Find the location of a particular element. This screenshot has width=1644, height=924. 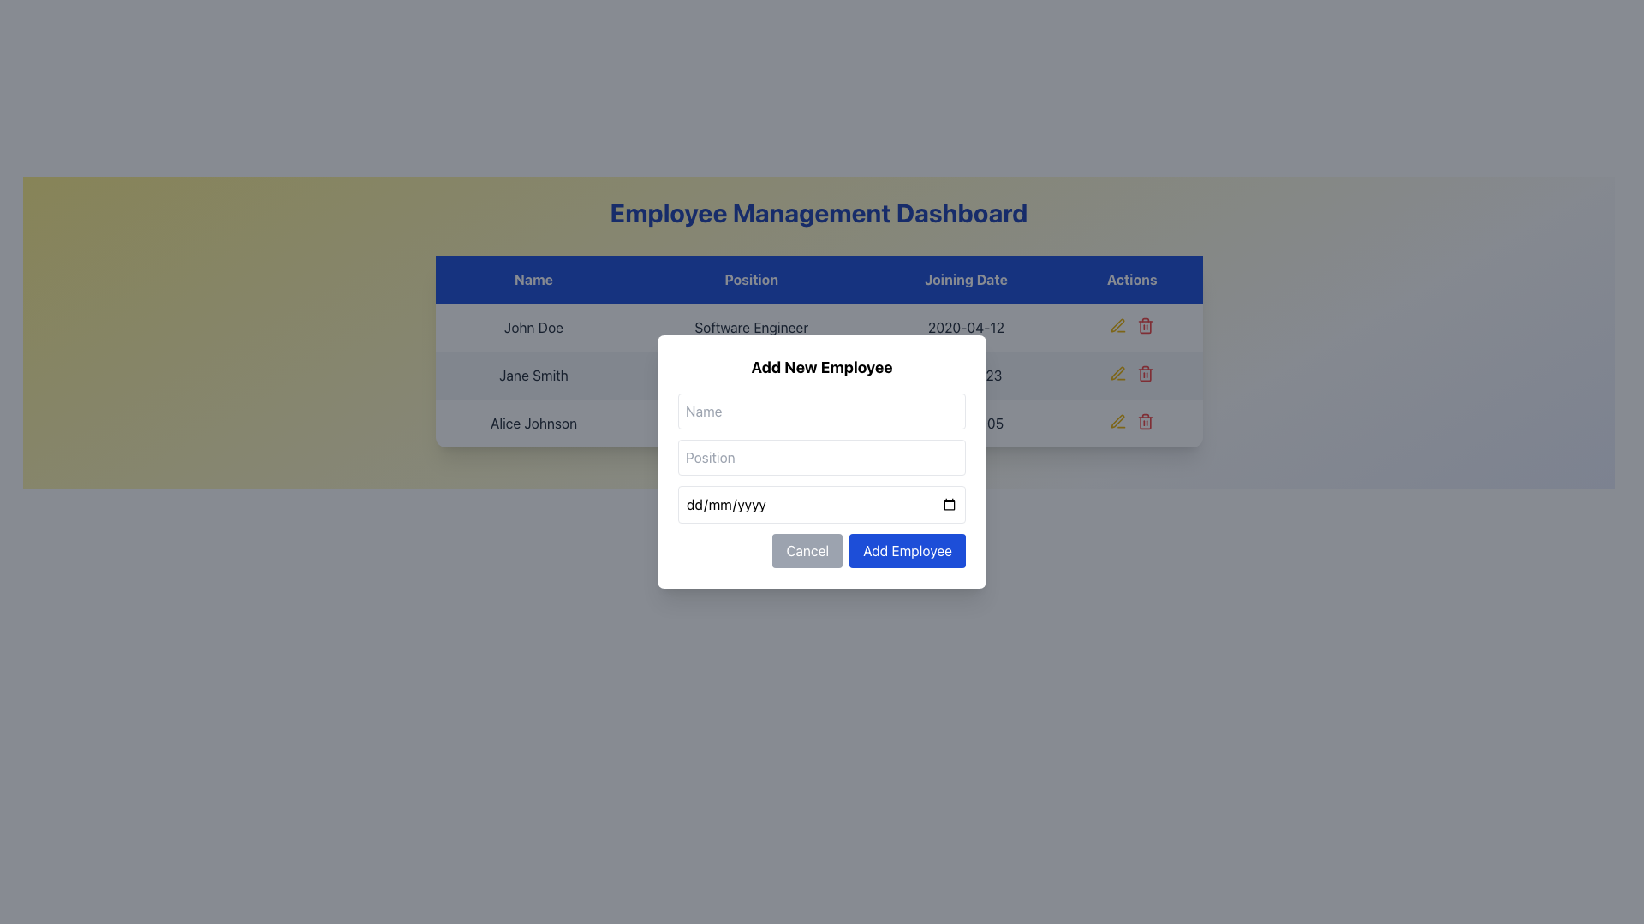

the static text label indicating 'Add New Employee' at the top of the modal dialog box is located at coordinates (822, 366).